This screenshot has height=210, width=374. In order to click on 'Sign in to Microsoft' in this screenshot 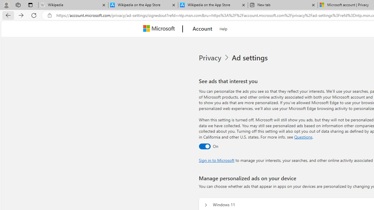, I will do `click(216, 160)`.